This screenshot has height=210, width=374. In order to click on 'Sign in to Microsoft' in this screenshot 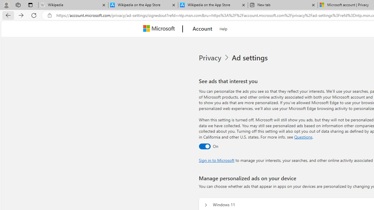, I will do `click(216, 160)`.